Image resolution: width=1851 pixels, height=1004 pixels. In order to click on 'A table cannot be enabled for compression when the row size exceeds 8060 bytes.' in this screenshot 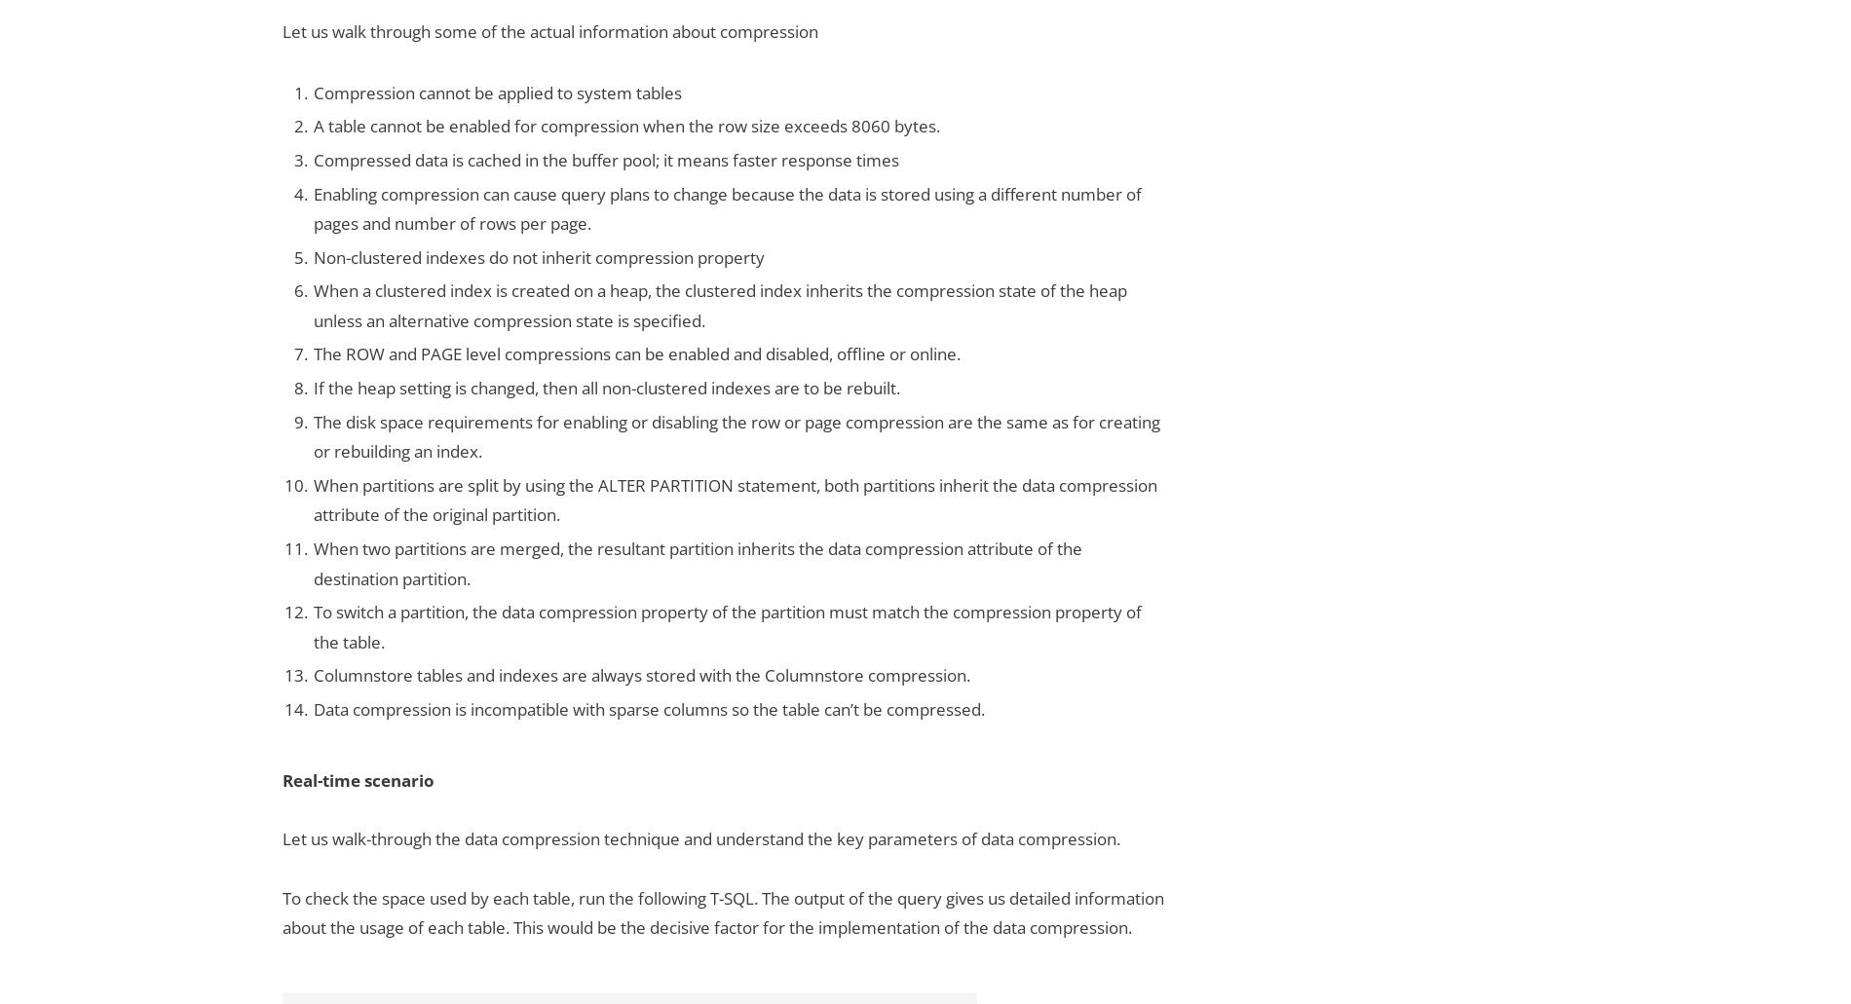, I will do `click(626, 125)`.